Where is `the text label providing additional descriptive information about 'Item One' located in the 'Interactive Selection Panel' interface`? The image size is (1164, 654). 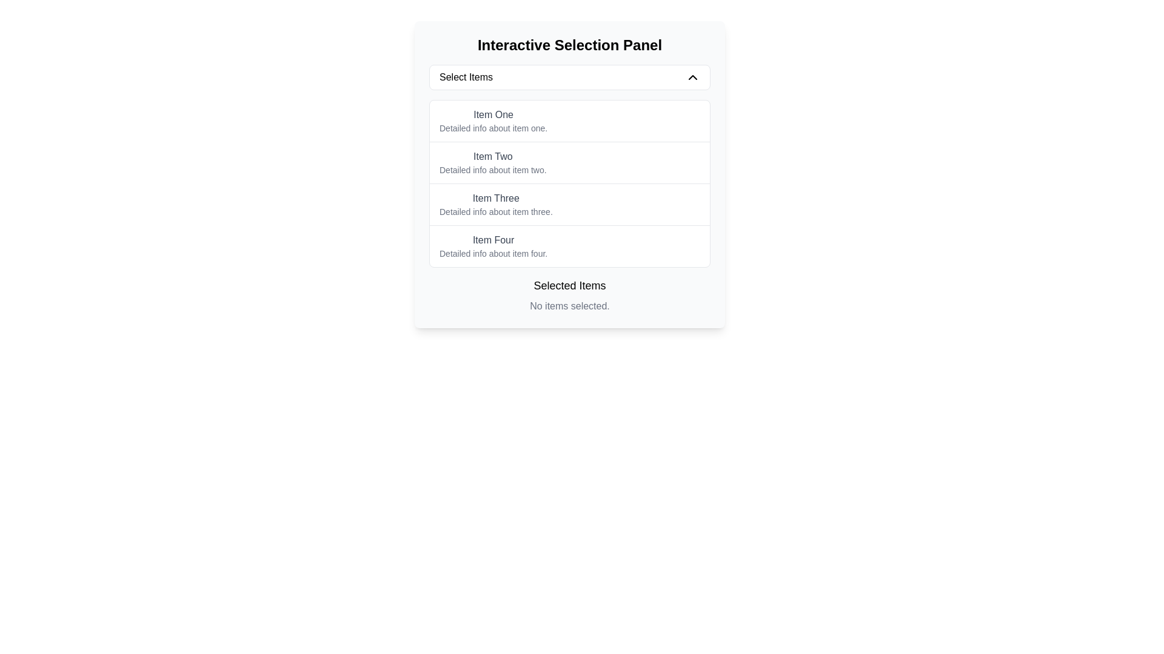 the text label providing additional descriptive information about 'Item One' located in the 'Interactive Selection Panel' interface is located at coordinates (493, 128).